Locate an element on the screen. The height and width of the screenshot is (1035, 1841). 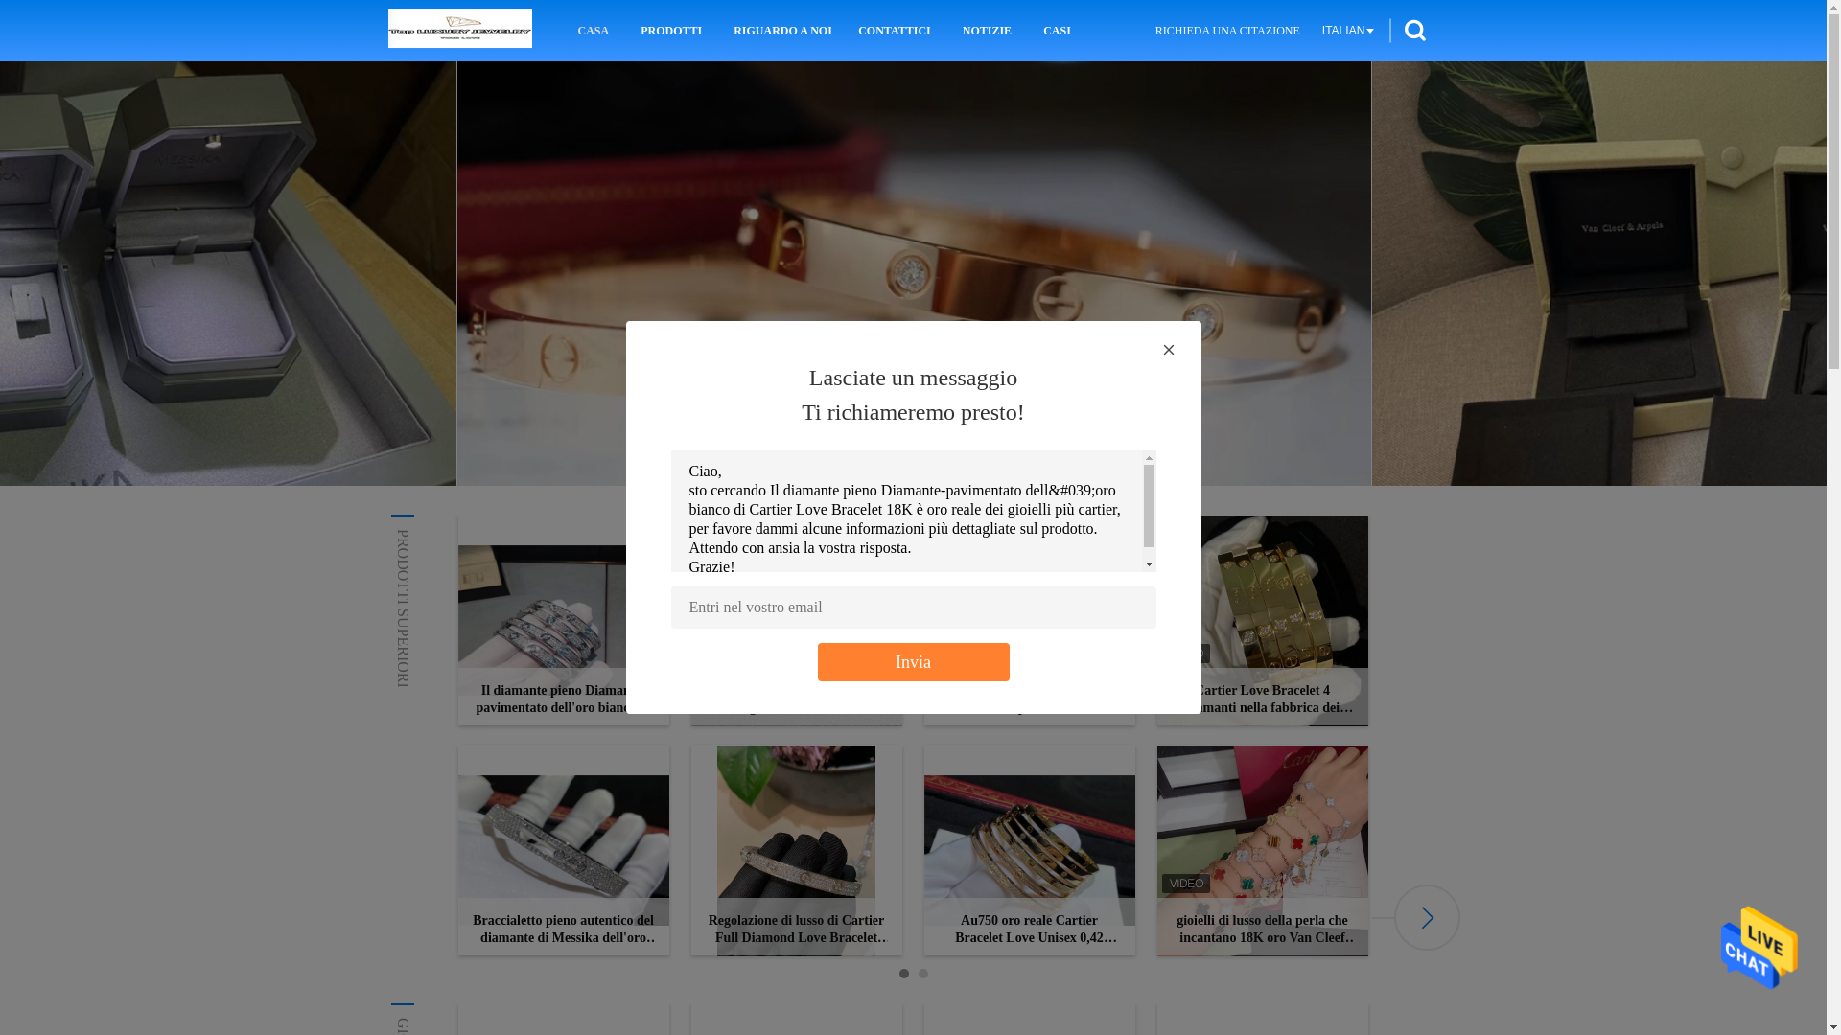
'CASI' is located at coordinates (1056, 30).